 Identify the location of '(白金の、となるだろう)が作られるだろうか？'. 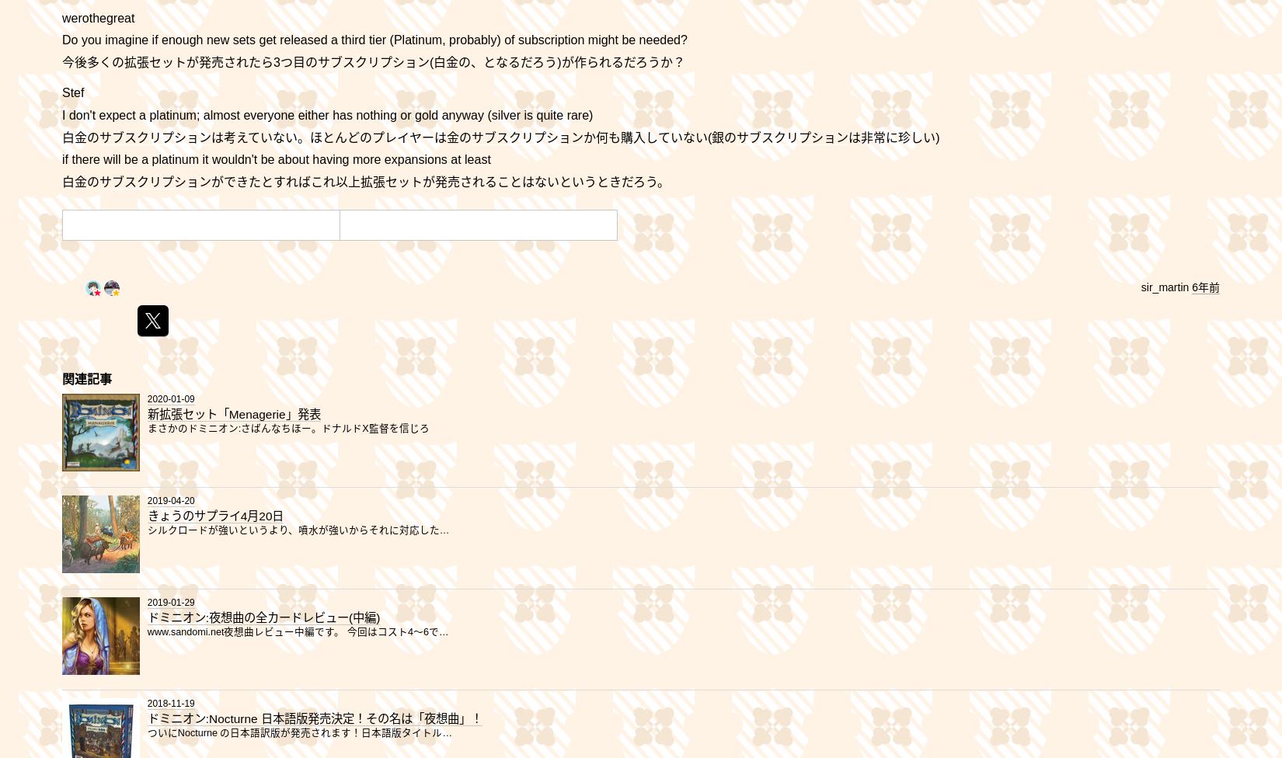
(427, 62).